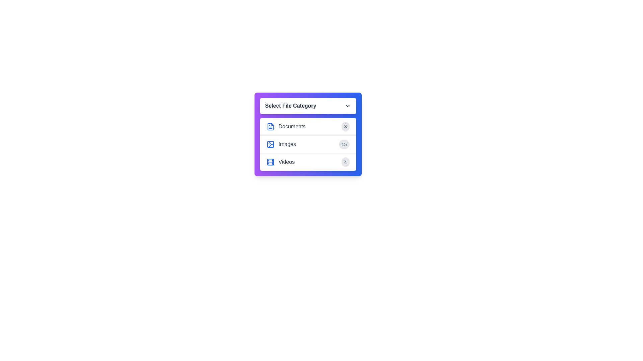 The height and width of the screenshot is (361, 643). I want to click on the 'Images' text label, which is the second item in the file category dropdown menu, positioned between 'Documents' and 'Videos', and located next to an icon on the left and a numerical badge on the right, so click(287, 144).